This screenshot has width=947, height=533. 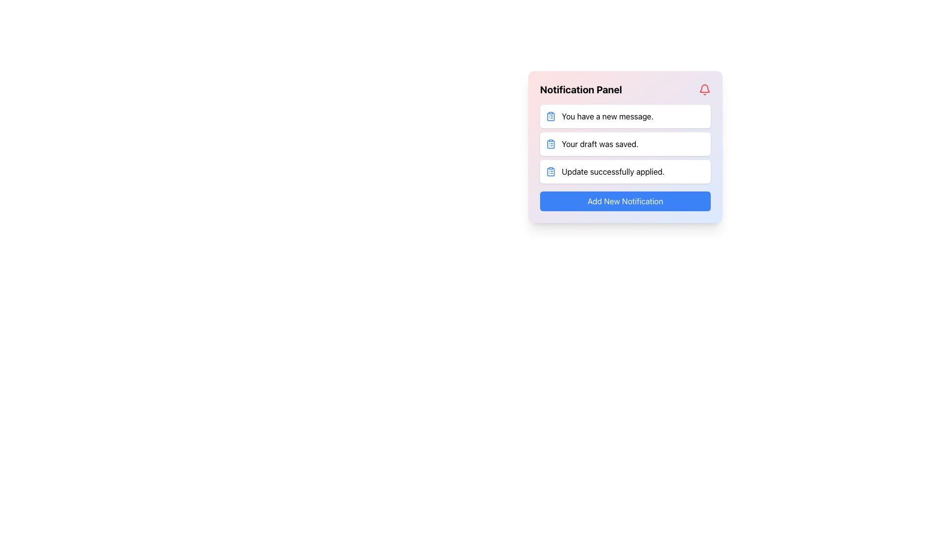 I want to click on the second notification item in the list, which displays the message 'Your draft was saved.', so click(x=624, y=144).